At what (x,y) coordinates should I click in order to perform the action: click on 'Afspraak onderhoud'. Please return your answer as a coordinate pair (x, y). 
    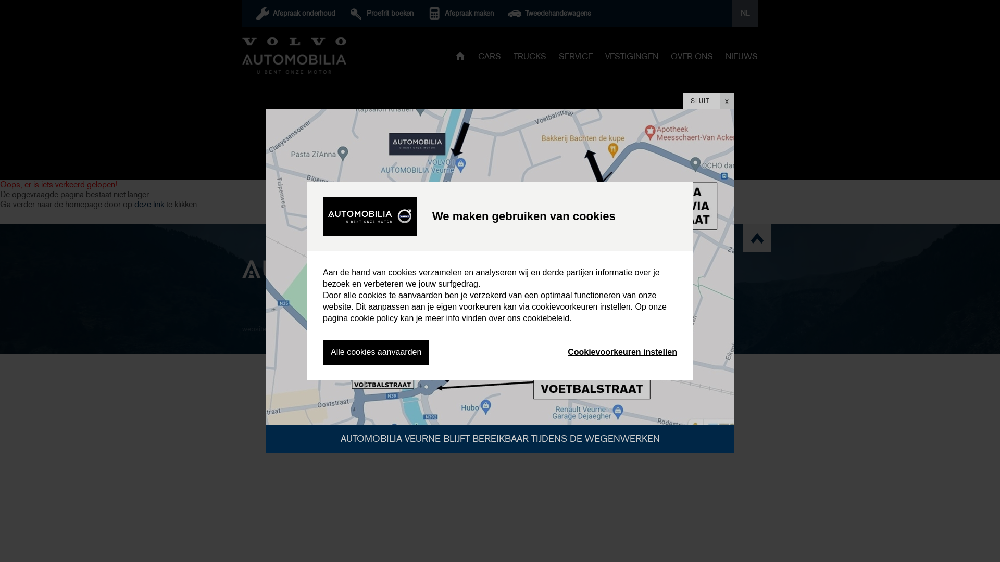
    Looking at the image, I should click on (299, 14).